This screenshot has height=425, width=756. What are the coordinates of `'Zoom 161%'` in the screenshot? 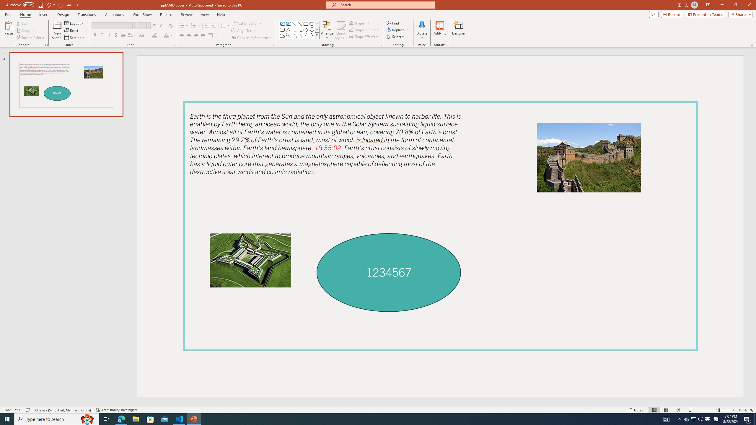 It's located at (743, 410).